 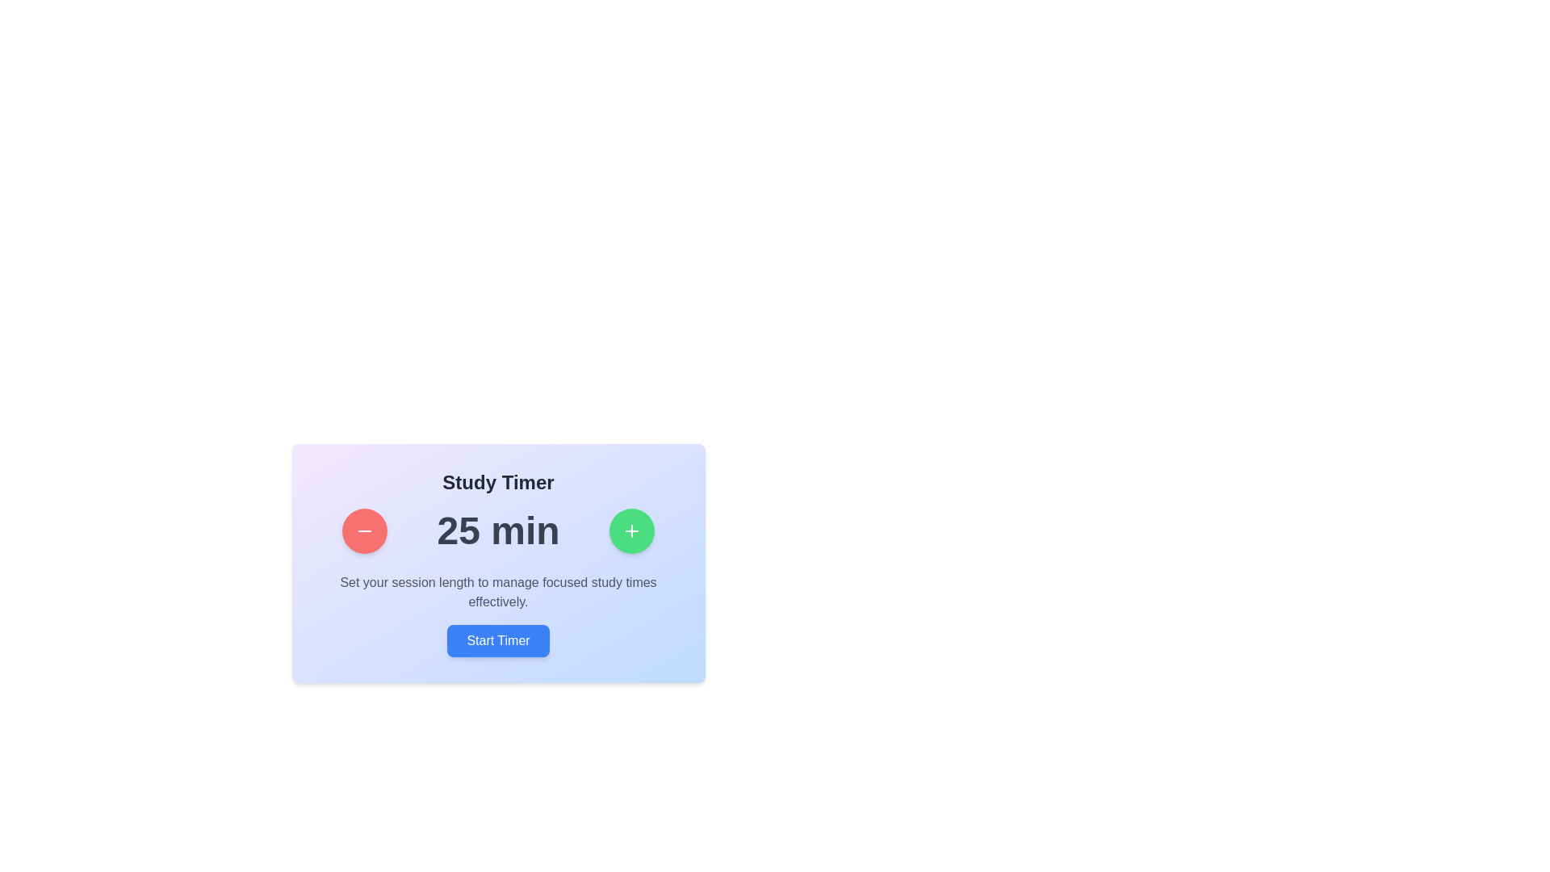 What do you see at coordinates (630, 531) in the screenshot?
I see `the increment button located to the right of the '25 min' text and the red decrement button to increase the timer value` at bounding box center [630, 531].